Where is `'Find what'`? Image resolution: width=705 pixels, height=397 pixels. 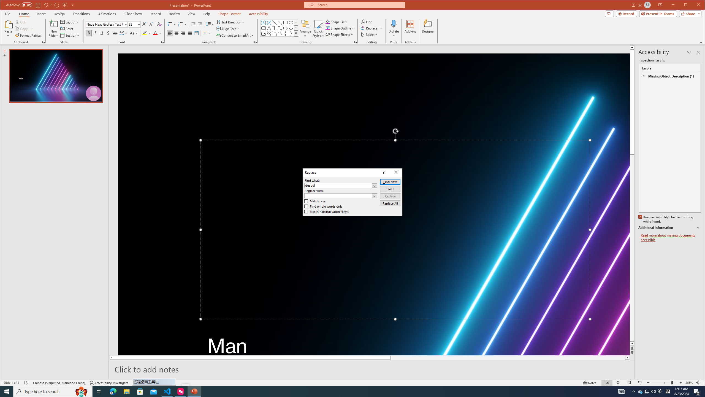 'Find what' is located at coordinates (340, 186).